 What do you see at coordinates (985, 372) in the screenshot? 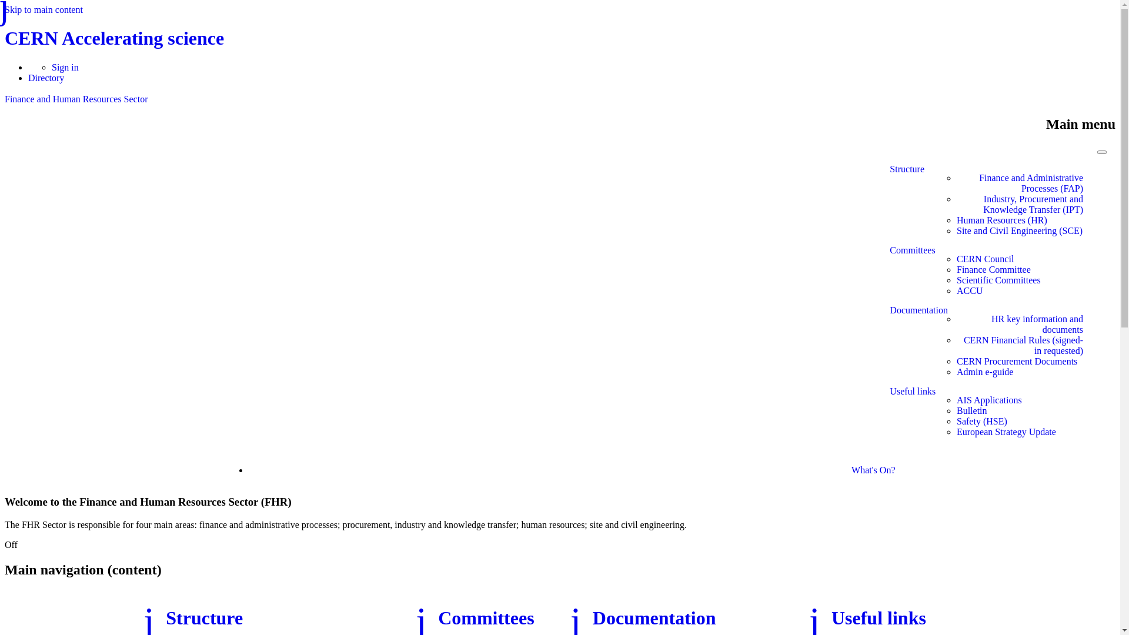
I see `'Admin e-guide'` at bounding box center [985, 372].